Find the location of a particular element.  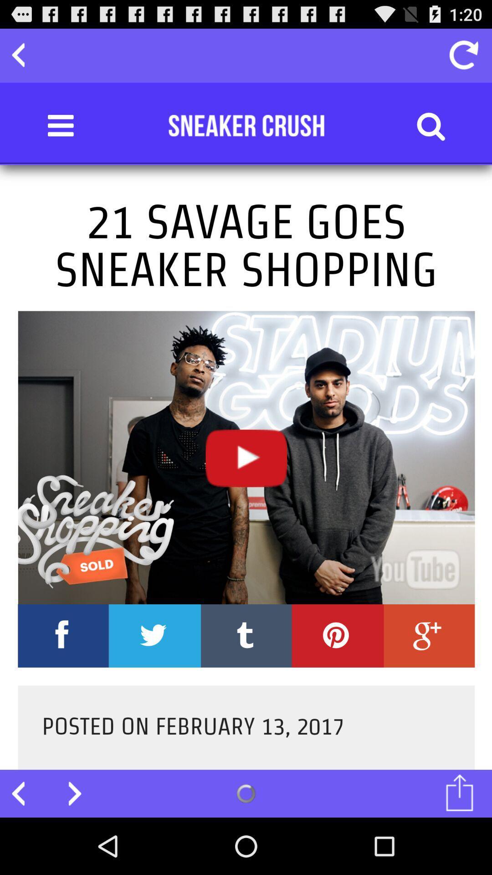

the arrow_forward icon is located at coordinates (69, 849).